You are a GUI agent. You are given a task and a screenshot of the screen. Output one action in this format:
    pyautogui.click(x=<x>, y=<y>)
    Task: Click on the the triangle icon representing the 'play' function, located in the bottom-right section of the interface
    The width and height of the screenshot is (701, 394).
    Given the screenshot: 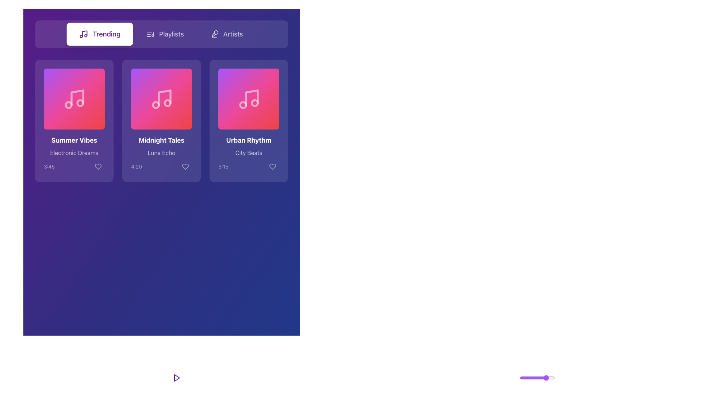 What is the action you would take?
    pyautogui.click(x=177, y=378)
    